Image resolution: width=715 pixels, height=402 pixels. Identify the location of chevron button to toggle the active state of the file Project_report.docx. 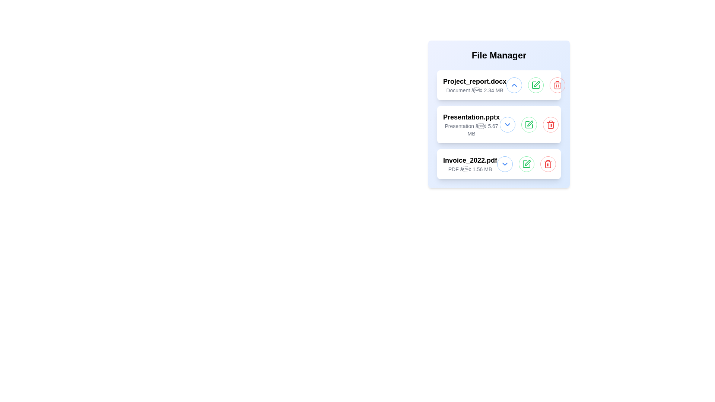
(514, 84).